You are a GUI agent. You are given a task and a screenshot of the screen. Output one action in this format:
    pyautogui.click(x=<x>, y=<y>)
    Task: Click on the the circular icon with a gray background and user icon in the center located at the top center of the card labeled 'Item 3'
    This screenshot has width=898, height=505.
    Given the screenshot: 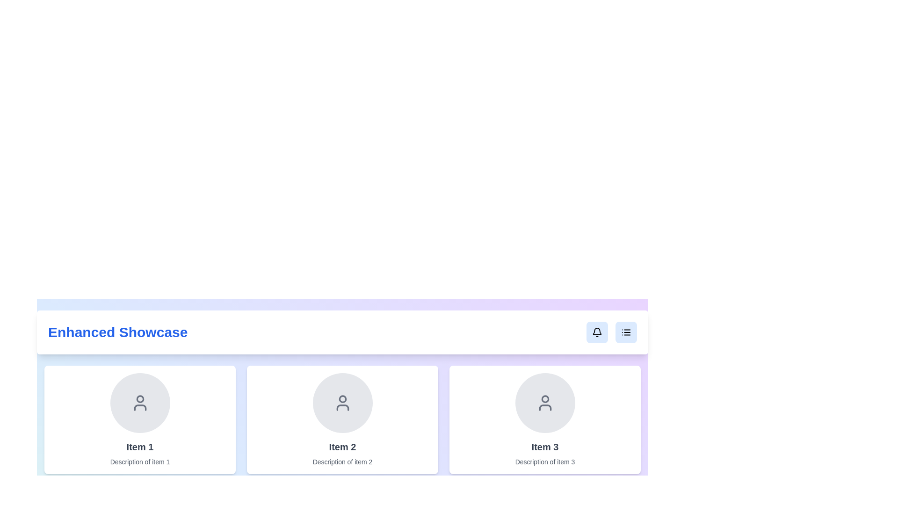 What is the action you would take?
    pyautogui.click(x=545, y=402)
    